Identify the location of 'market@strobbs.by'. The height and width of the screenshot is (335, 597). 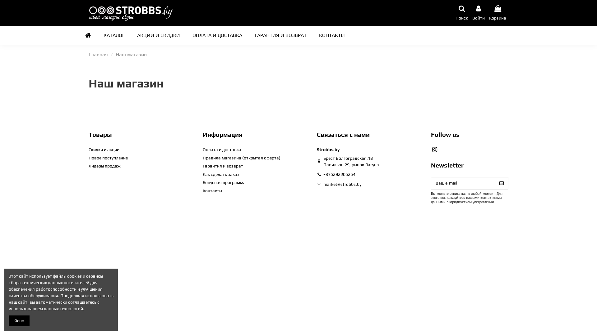
(342, 184).